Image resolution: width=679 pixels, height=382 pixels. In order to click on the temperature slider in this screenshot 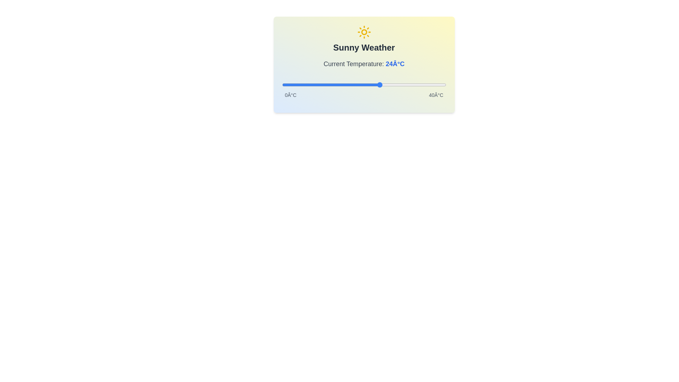, I will do `click(318, 84)`.